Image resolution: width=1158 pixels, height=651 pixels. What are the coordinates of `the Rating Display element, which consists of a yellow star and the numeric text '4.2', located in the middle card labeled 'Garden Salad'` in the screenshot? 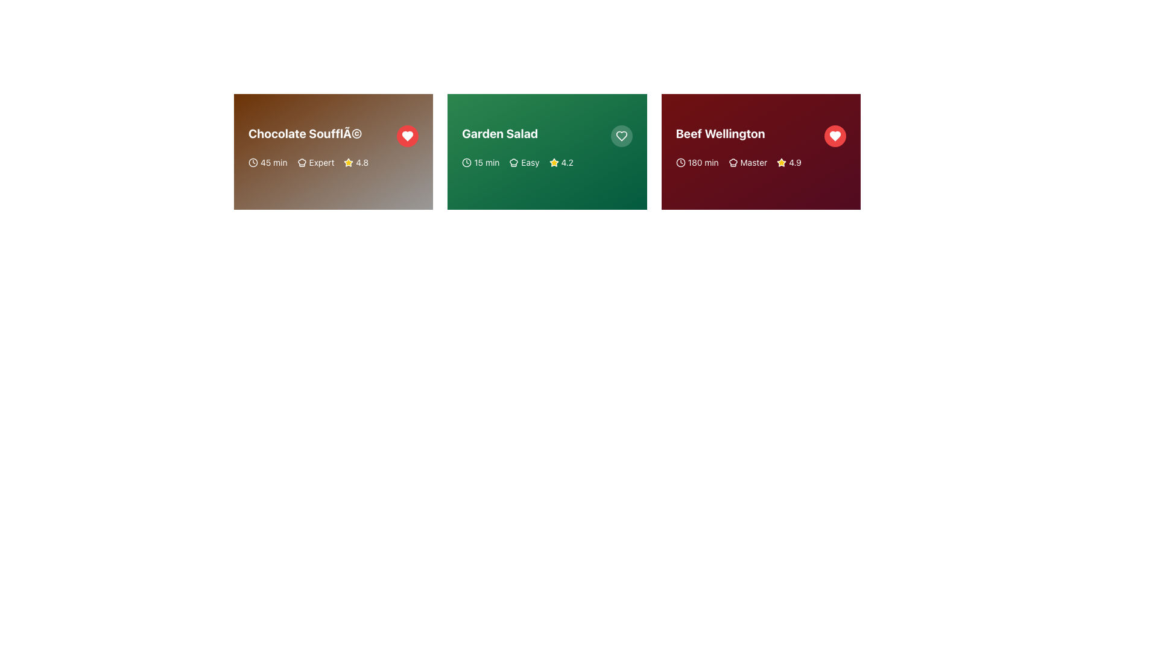 It's located at (560, 163).